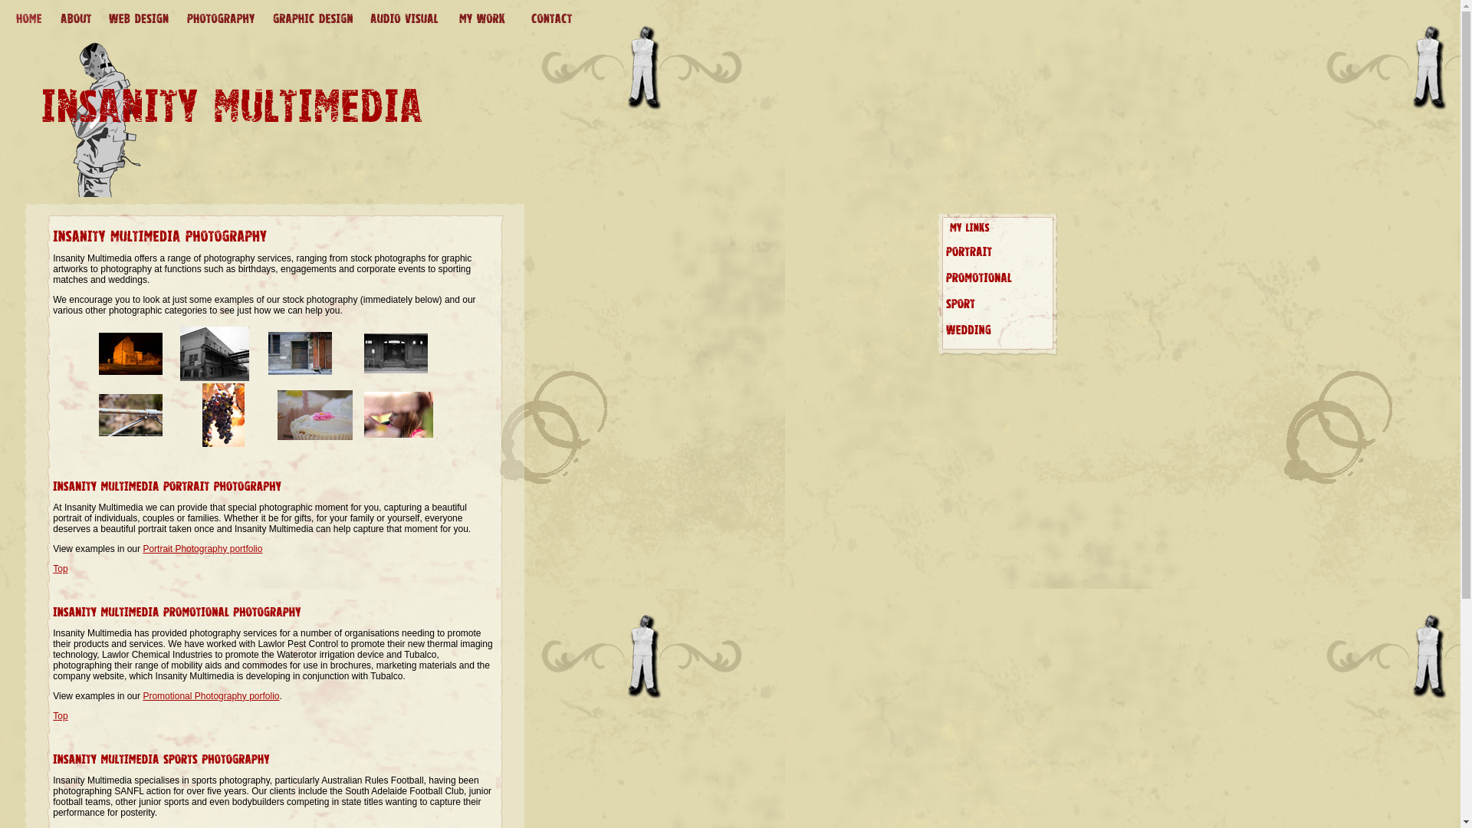 This screenshot has height=828, width=1472. What do you see at coordinates (60, 568) in the screenshot?
I see `'Top'` at bounding box center [60, 568].